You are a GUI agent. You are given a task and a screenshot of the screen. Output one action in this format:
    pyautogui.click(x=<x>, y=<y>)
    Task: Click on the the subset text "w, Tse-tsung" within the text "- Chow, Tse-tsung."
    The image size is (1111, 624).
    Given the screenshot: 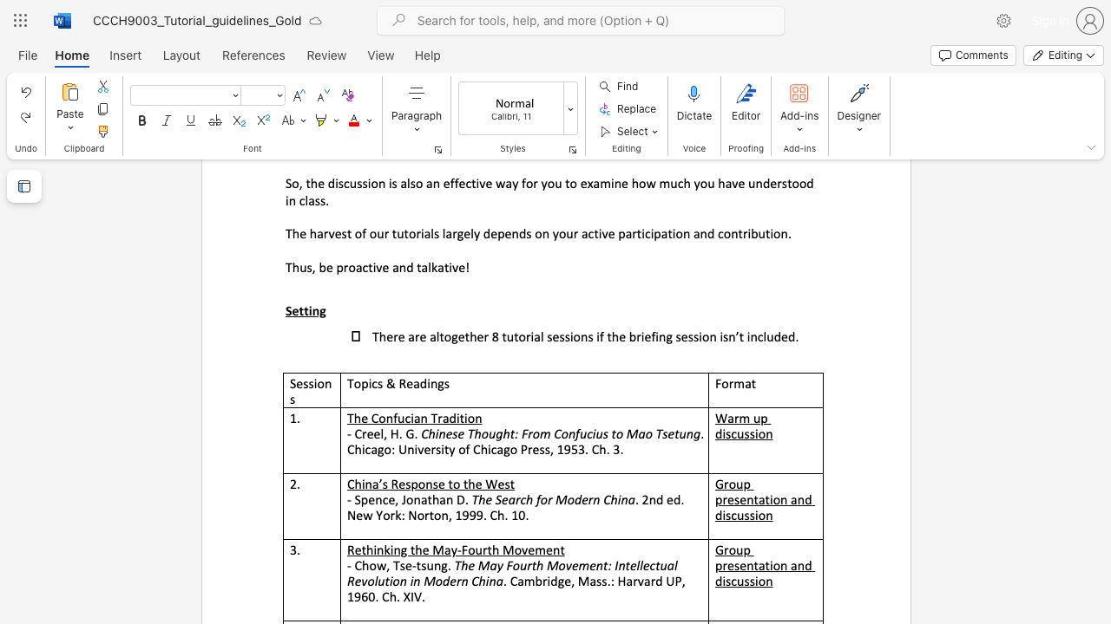 What is the action you would take?
    pyautogui.click(x=375, y=565)
    